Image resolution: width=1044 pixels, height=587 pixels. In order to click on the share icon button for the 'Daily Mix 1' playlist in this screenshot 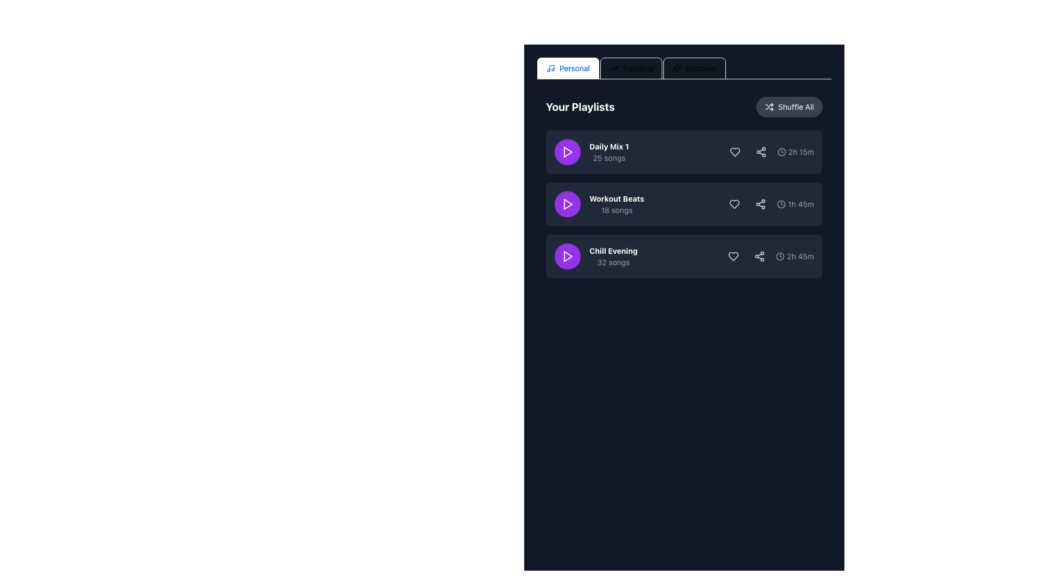, I will do `click(760, 152)`.